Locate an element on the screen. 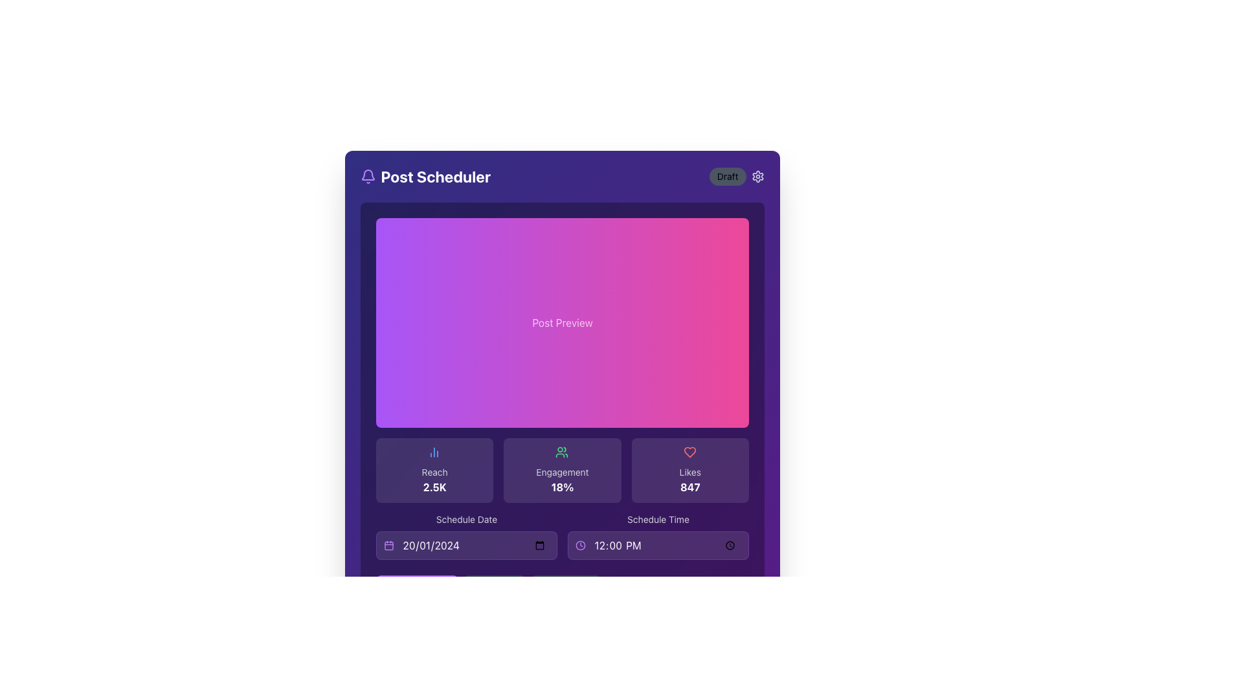 This screenshot has width=1243, height=699. the engagement card displaying '18%' with a purple background and a green person icon, located in the second column of three cards is located at coordinates (562, 470).